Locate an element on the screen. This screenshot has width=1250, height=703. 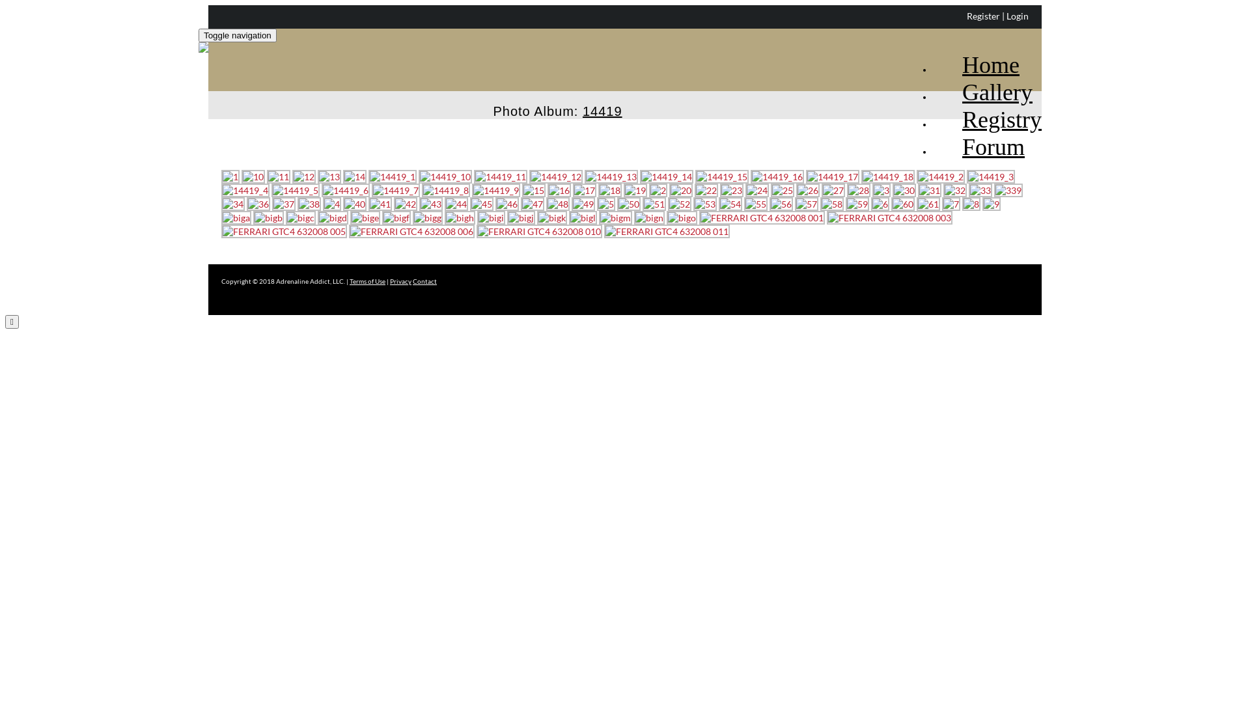
'339 (click to enlarge)' is located at coordinates (1008, 190).